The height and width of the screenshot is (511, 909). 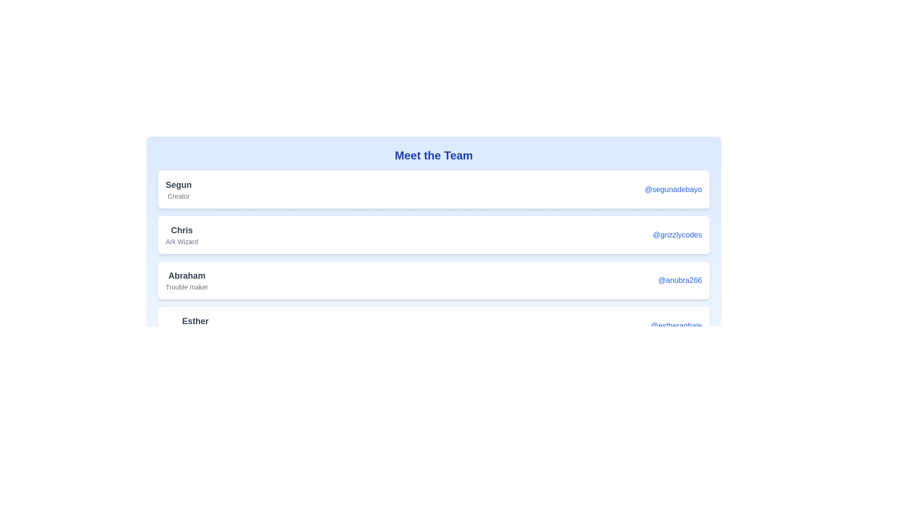 What do you see at coordinates (178, 190) in the screenshot?
I see `the label displaying 'Segun' and 'Creator', which is the first entry in the 'Meet the Team' list` at bounding box center [178, 190].